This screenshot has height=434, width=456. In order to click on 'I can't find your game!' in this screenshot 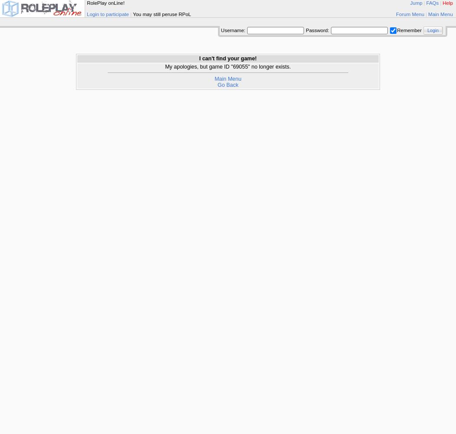, I will do `click(199, 59)`.